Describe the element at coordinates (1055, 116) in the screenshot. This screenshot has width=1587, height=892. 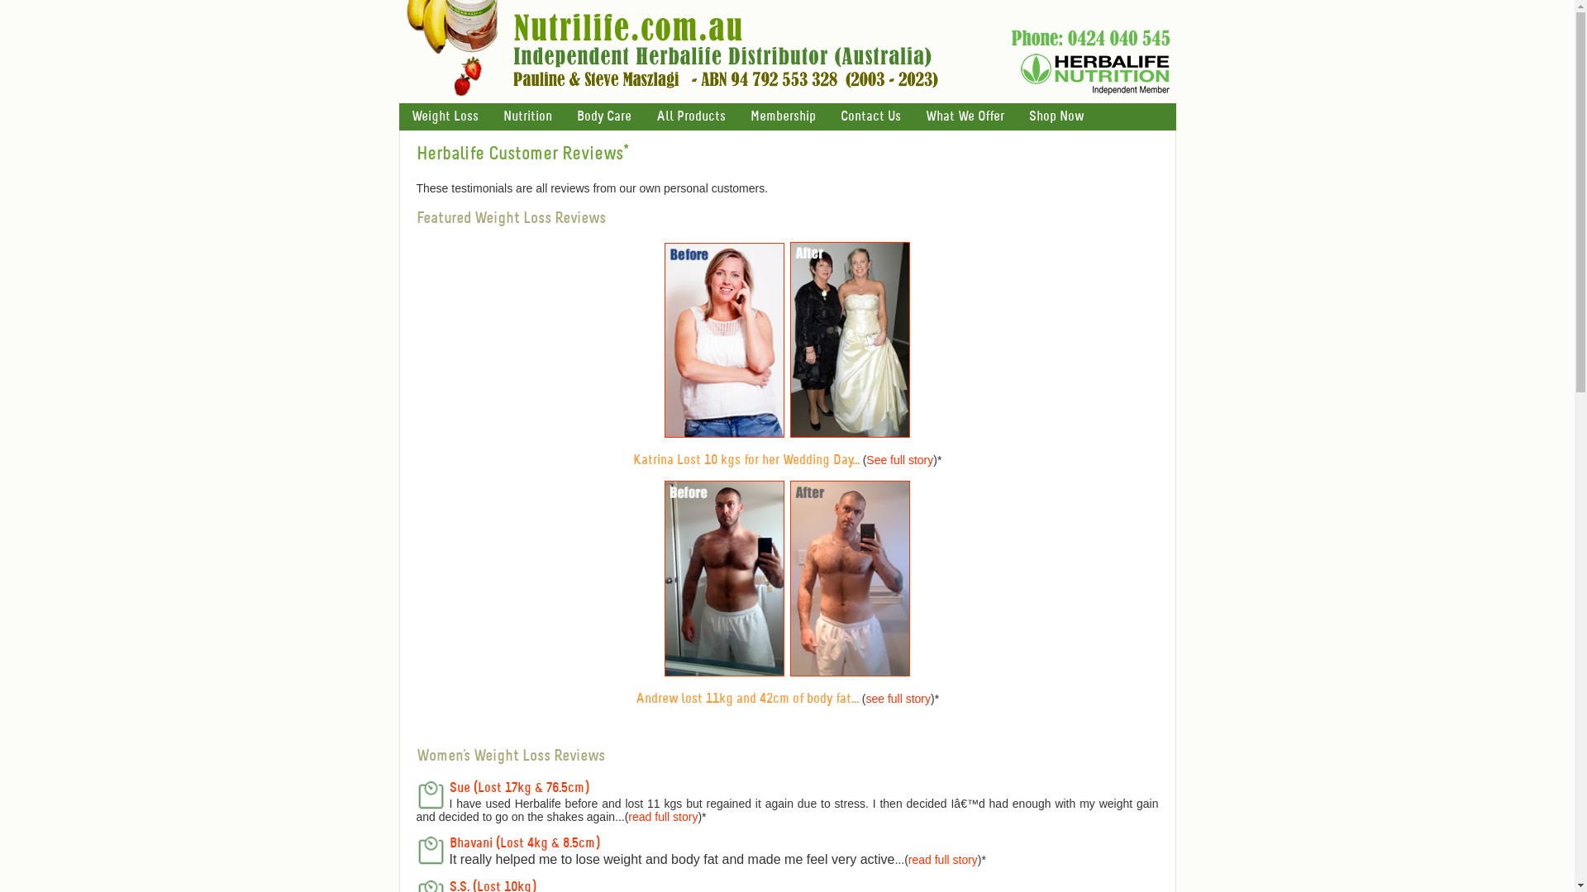
I see `'Shop Now'` at that location.